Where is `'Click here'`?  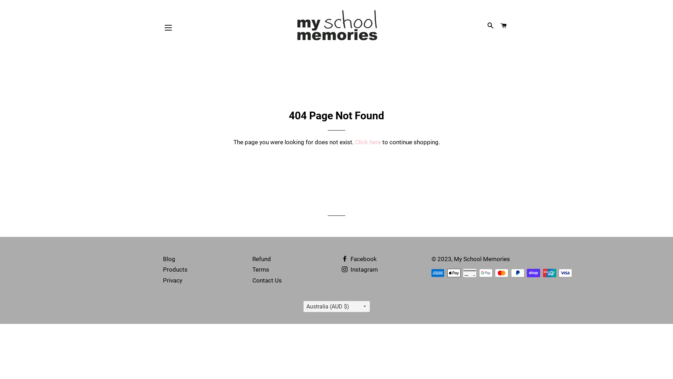
'Click here' is located at coordinates (367, 142).